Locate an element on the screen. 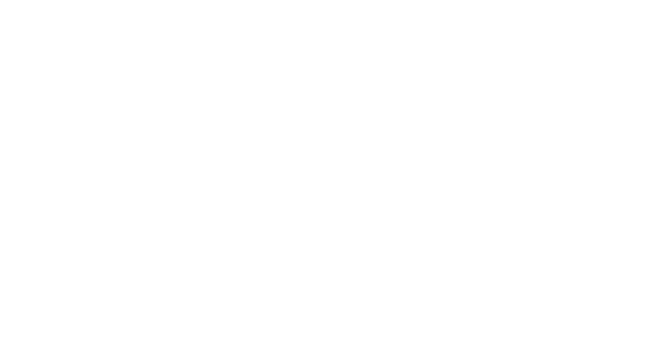 The width and height of the screenshot is (672, 340). 'Phase Technology' is located at coordinates (211, 62).